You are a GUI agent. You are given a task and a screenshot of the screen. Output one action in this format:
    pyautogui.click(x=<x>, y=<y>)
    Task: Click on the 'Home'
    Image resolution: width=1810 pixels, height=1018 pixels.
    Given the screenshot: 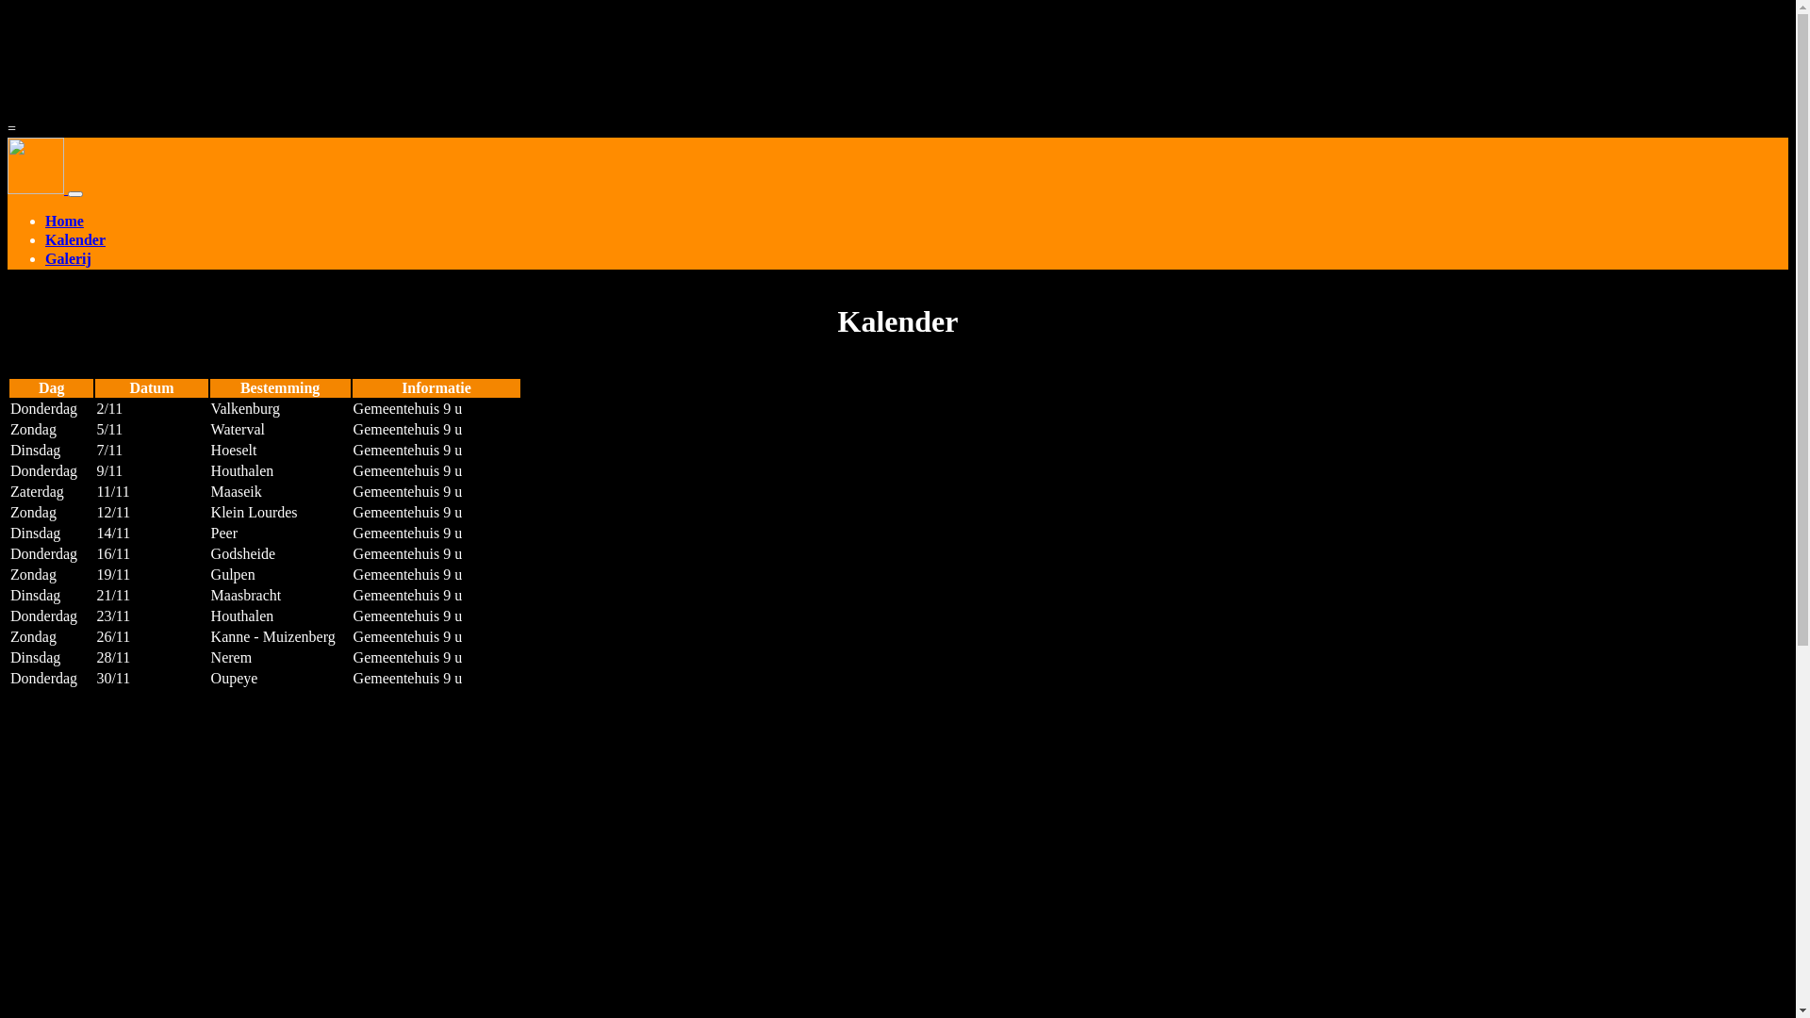 What is the action you would take?
    pyautogui.click(x=45, y=221)
    